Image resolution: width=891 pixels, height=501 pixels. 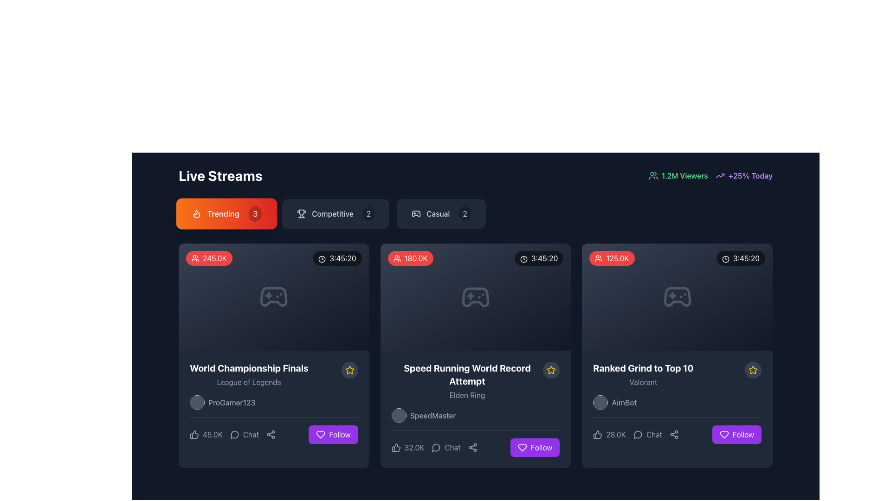 I want to click on the surrounding elements near the 'SpeedMaster' text label, which is displayed in a smaller, medium-weight font near the bottom left of the profile section under a live stream card, so click(x=433, y=415).